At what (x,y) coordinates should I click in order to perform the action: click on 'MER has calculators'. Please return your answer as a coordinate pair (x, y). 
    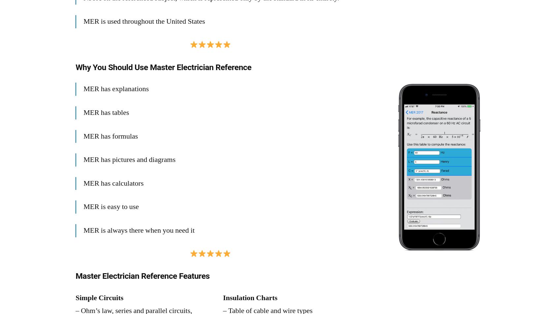
    Looking at the image, I should click on (113, 182).